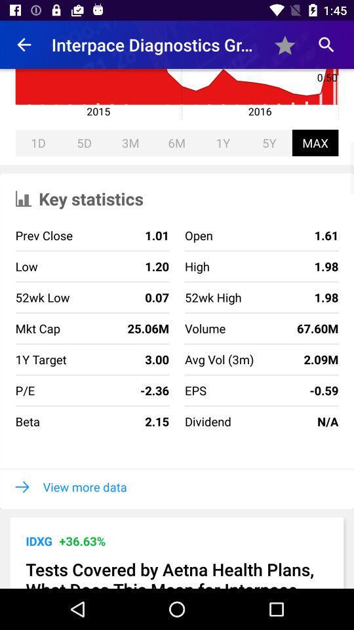  Describe the element at coordinates (213, 297) in the screenshot. I see `the 52wk high icon` at that location.